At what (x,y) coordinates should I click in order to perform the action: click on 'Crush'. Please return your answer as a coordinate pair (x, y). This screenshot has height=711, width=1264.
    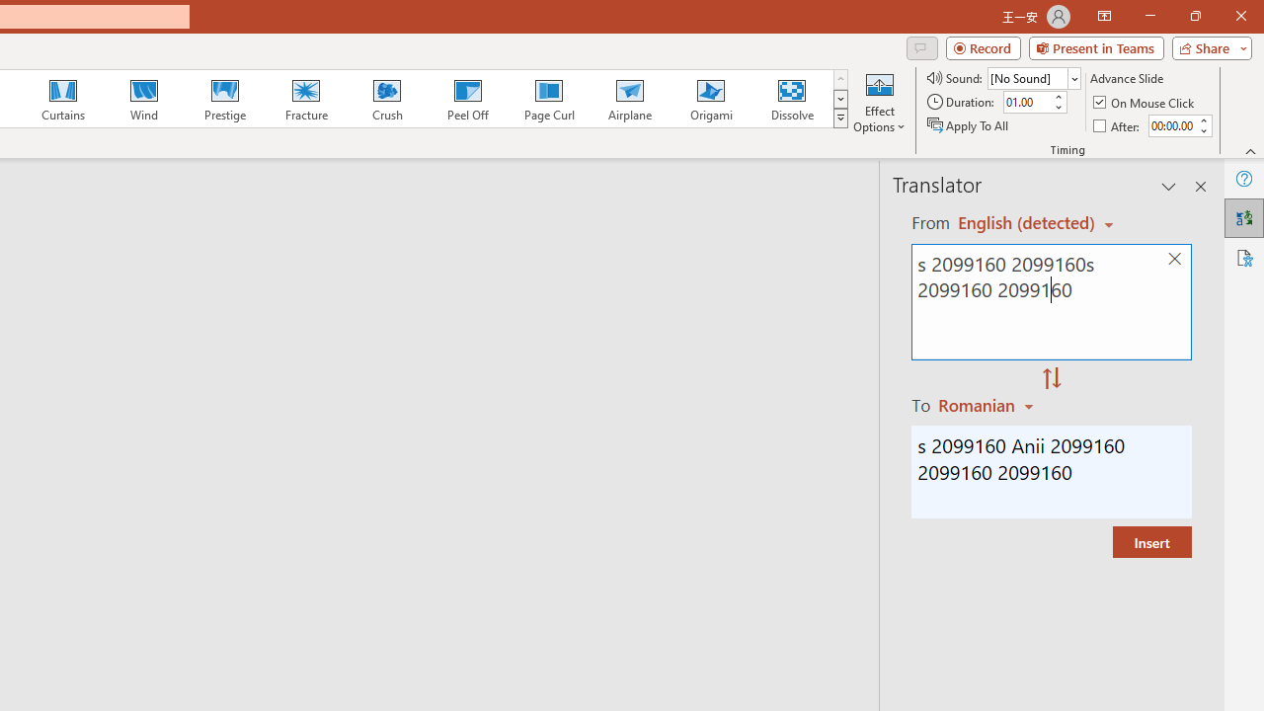
    Looking at the image, I should click on (386, 99).